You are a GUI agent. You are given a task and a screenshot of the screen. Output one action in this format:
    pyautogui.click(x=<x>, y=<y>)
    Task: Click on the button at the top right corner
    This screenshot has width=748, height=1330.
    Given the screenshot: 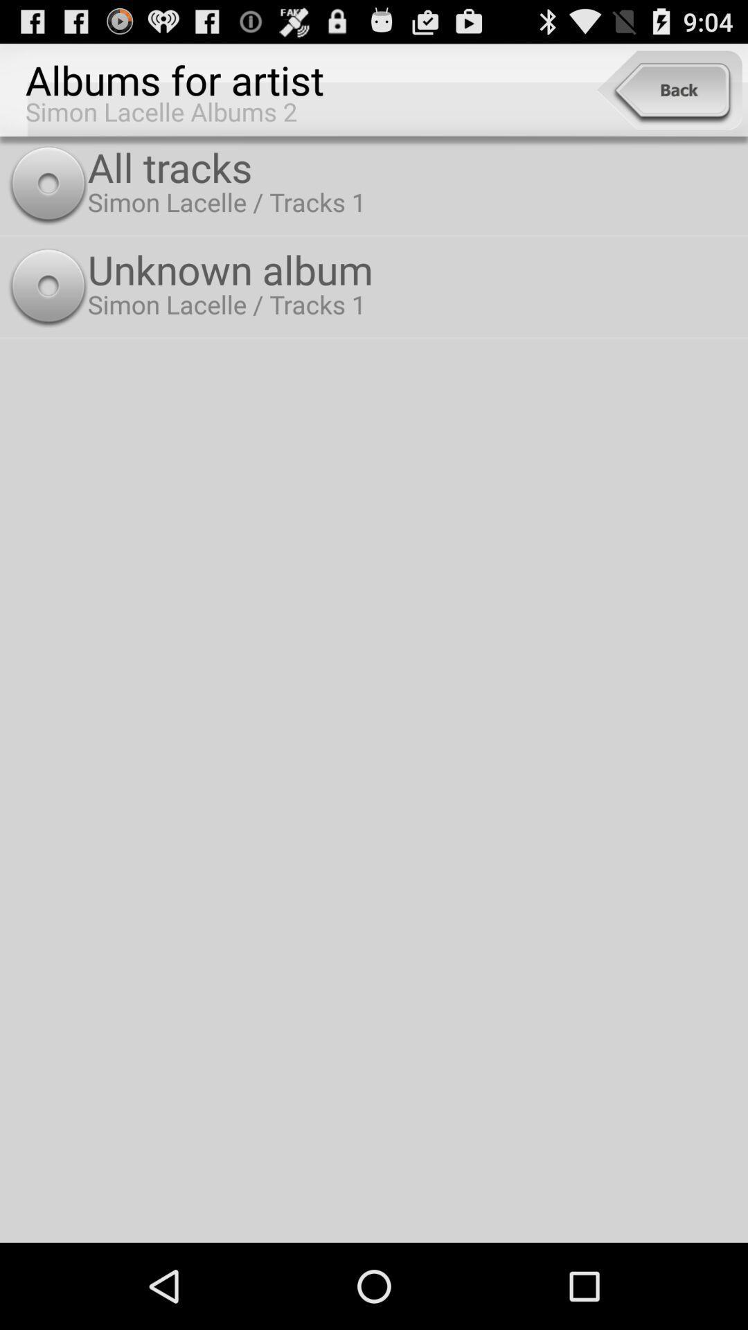 What is the action you would take?
    pyautogui.click(x=668, y=89)
    